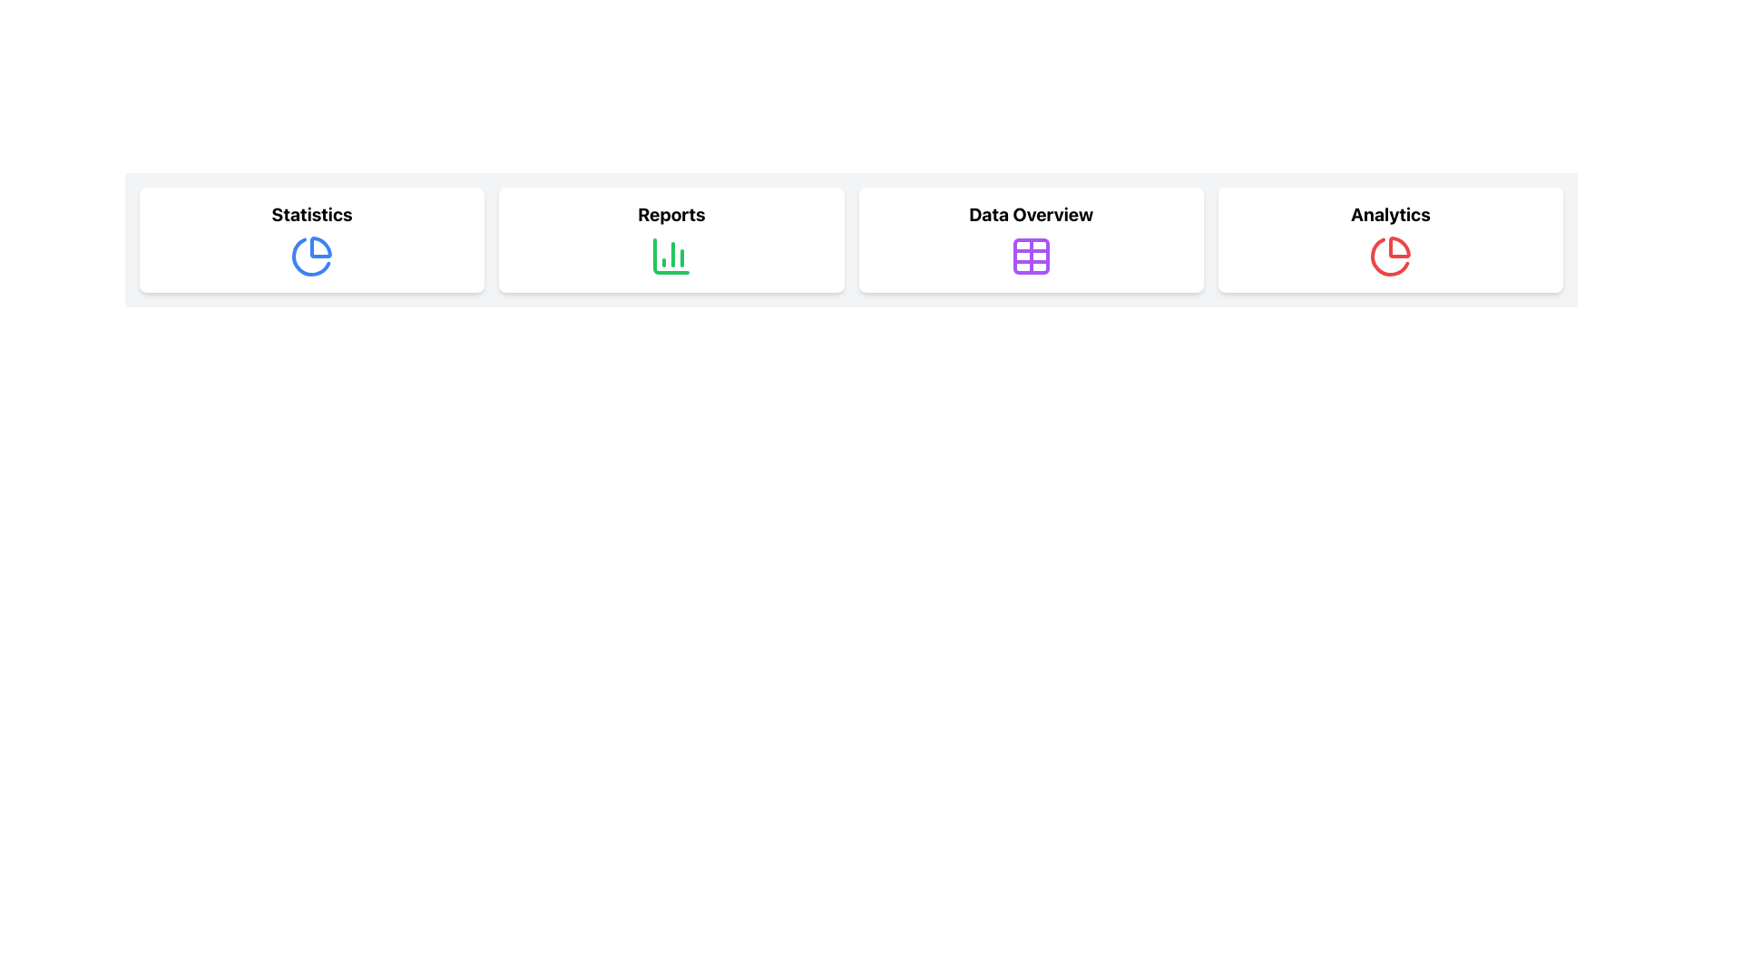  What do you see at coordinates (670, 256) in the screenshot?
I see `the visual indicator icon for the 'Reports' section, which is positioned beneath the 'Reports' label in the horizontal icon arrangement` at bounding box center [670, 256].